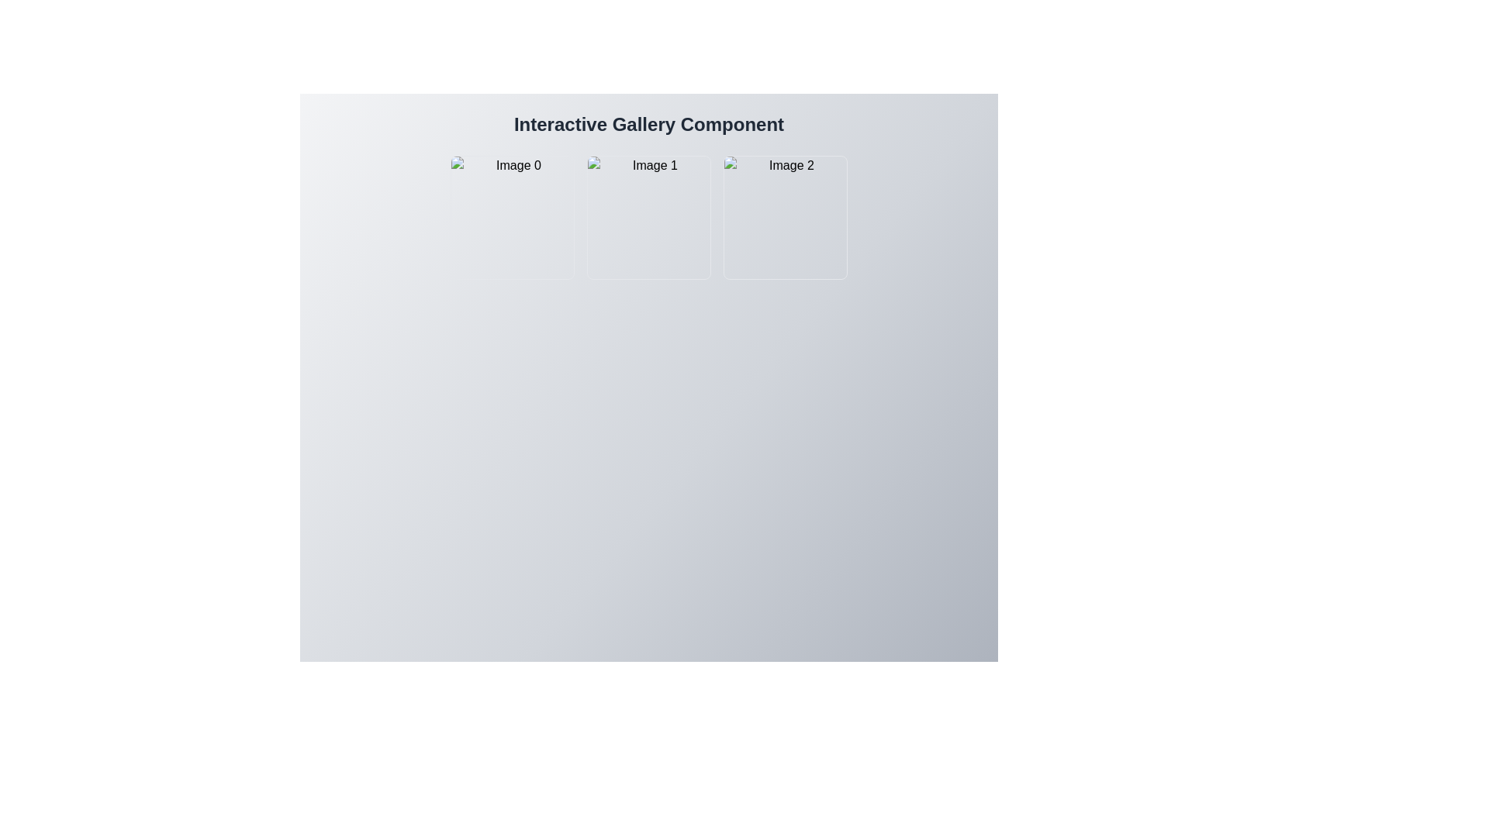  I want to click on the third image tile in the interactive gallery, which is part of a grid layout, so click(785, 218).